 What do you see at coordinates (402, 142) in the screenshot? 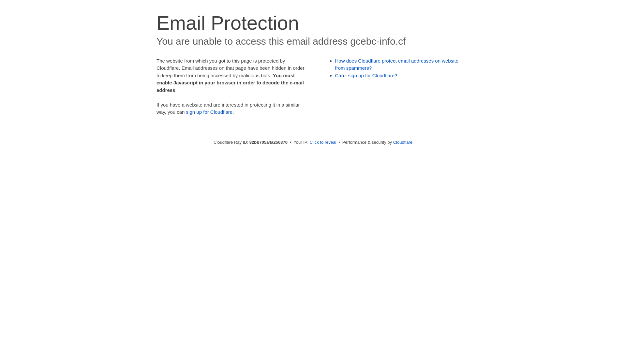
I see `'Cloudflare'` at bounding box center [402, 142].